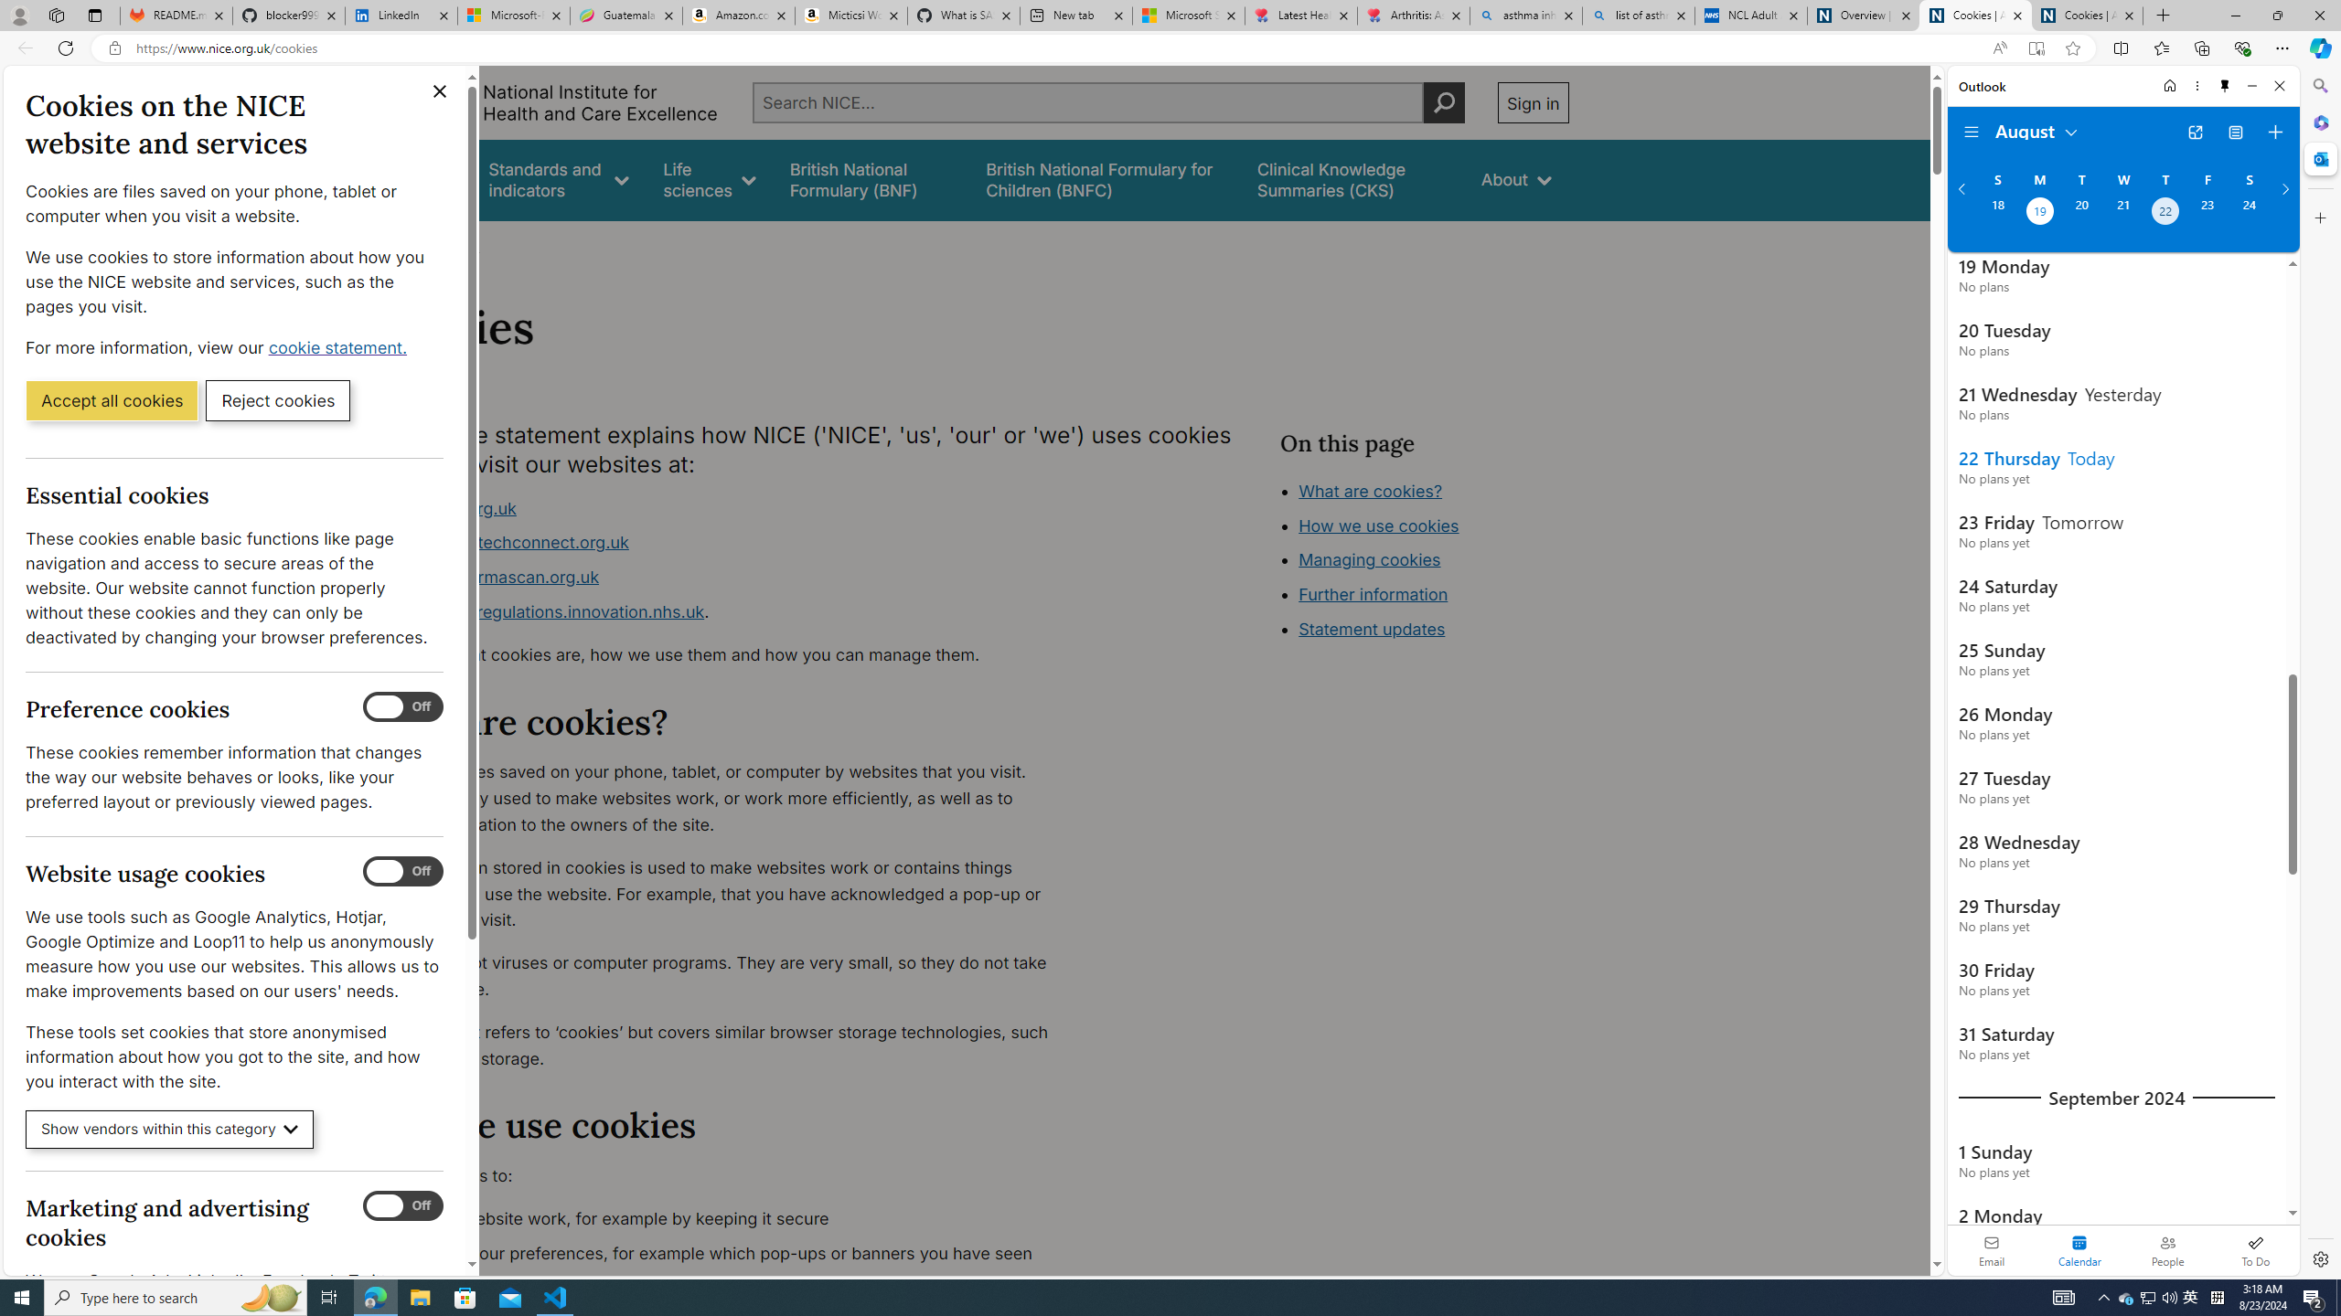  What do you see at coordinates (1369, 559) in the screenshot?
I see `'Managing cookies'` at bounding box center [1369, 559].